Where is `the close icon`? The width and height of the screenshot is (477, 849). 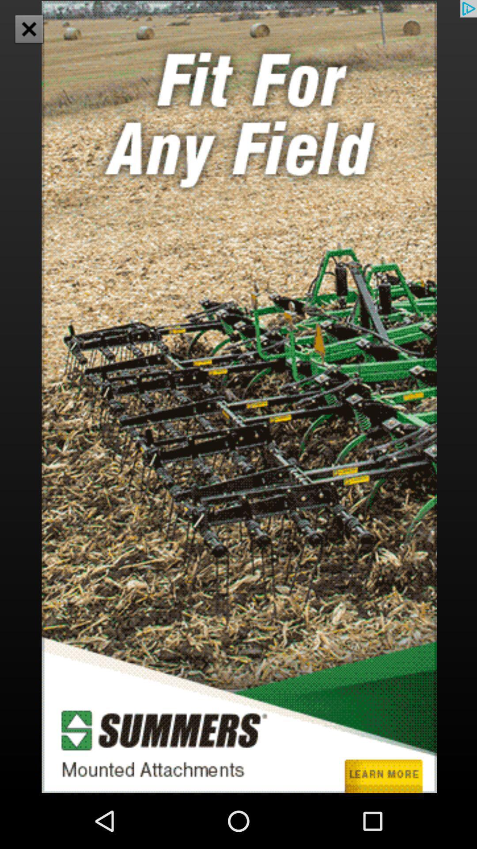
the close icon is located at coordinates (28, 31).